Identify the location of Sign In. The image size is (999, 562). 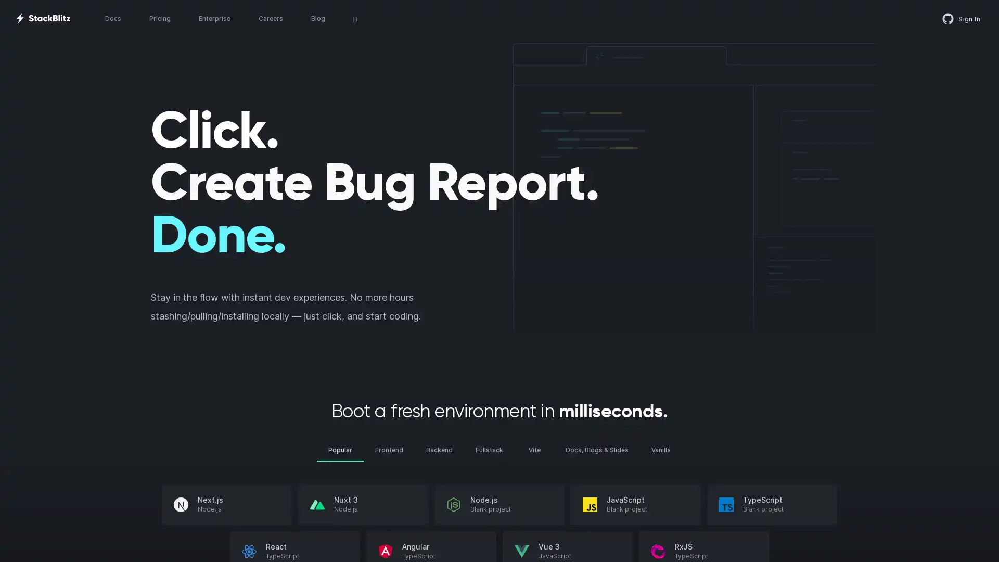
(961, 18).